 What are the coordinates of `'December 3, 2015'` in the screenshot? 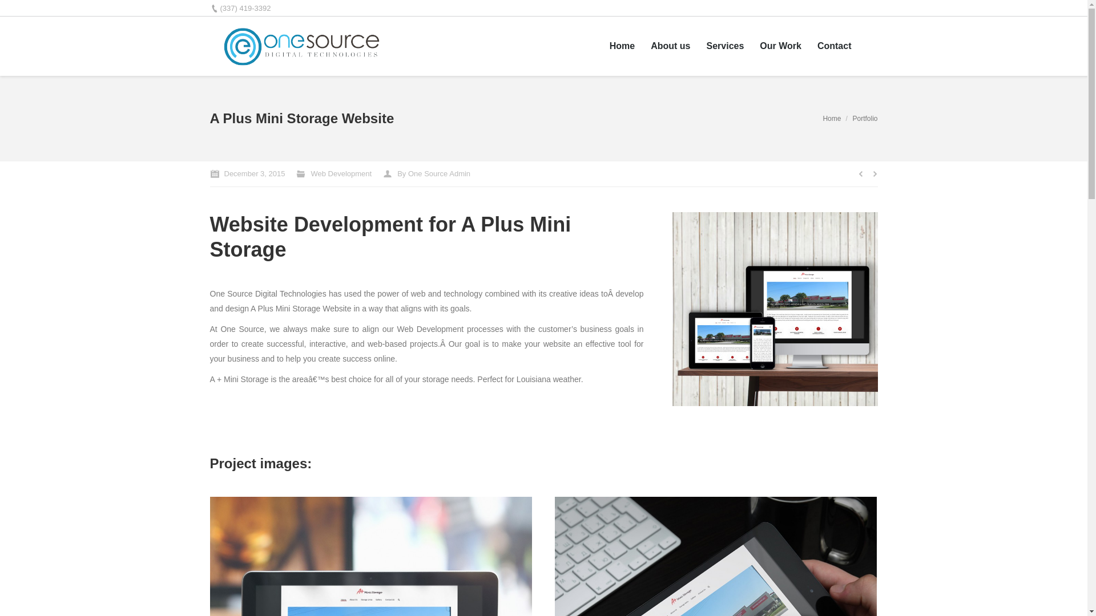 It's located at (247, 173).